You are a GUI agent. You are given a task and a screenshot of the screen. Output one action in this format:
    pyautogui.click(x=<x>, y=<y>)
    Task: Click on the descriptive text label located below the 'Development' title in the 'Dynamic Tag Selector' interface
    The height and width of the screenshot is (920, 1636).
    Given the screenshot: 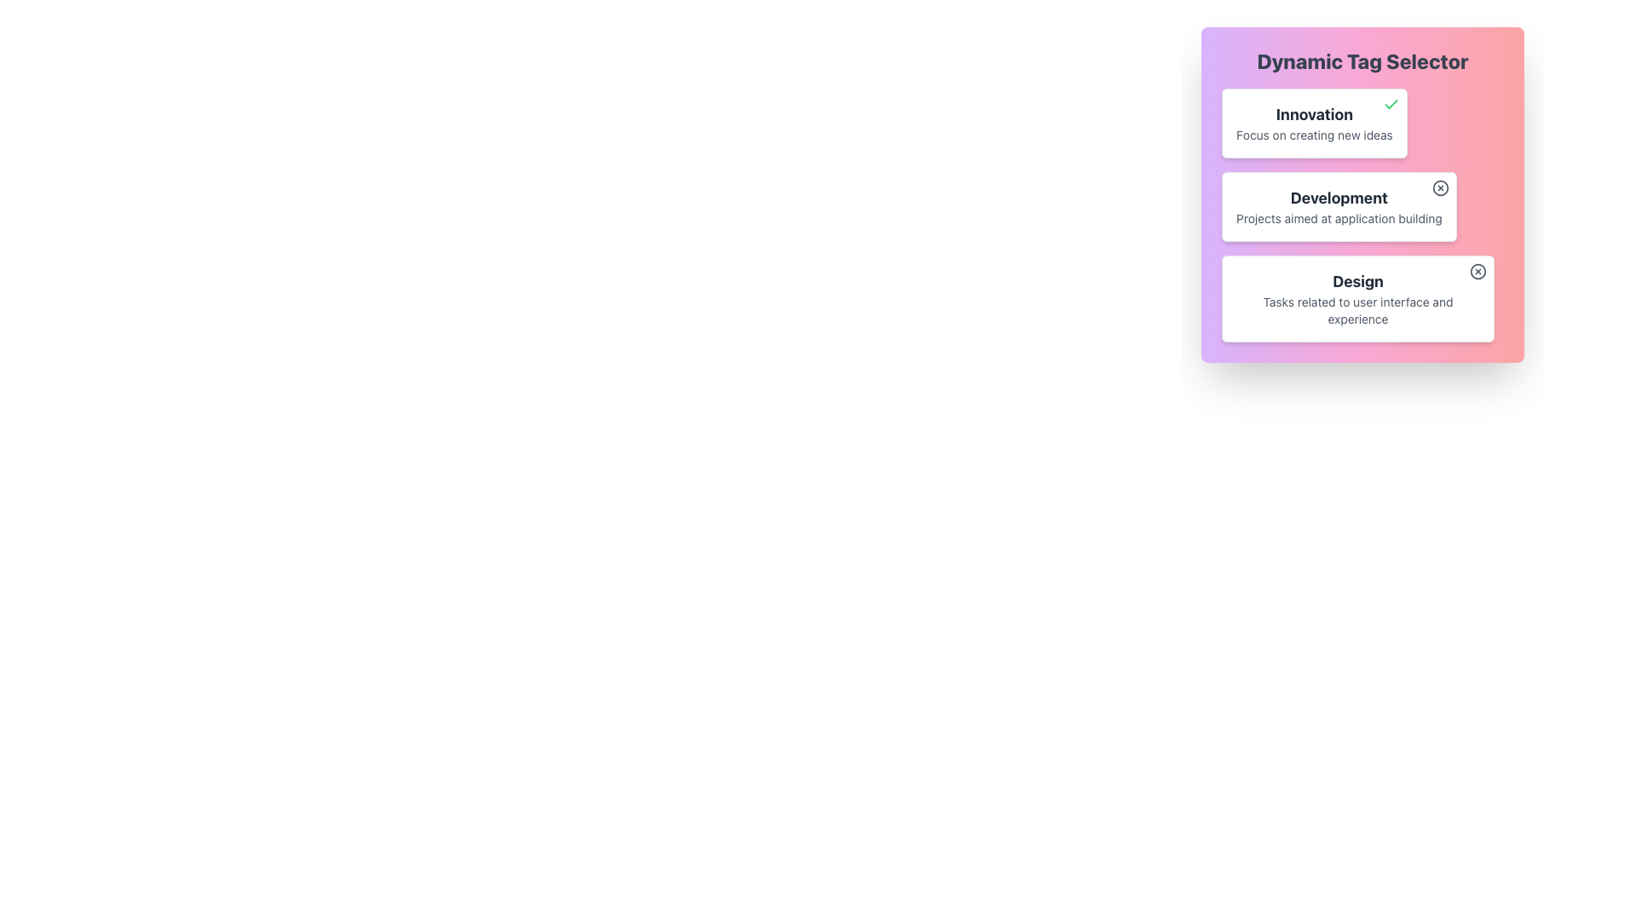 What is the action you would take?
    pyautogui.click(x=1338, y=218)
    